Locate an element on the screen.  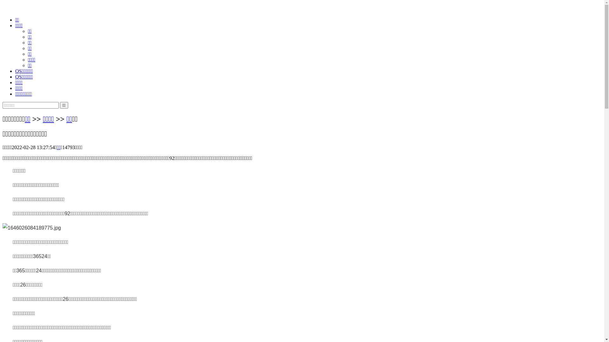
'1646028915102456.jpg' is located at coordinates (31, 228).